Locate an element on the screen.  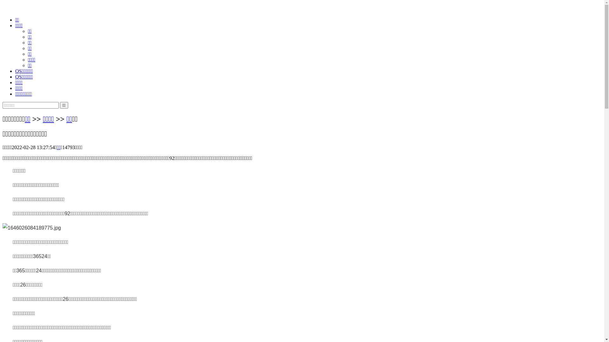
'1646028915102456.jpg' is located at coordinates (31, 228).